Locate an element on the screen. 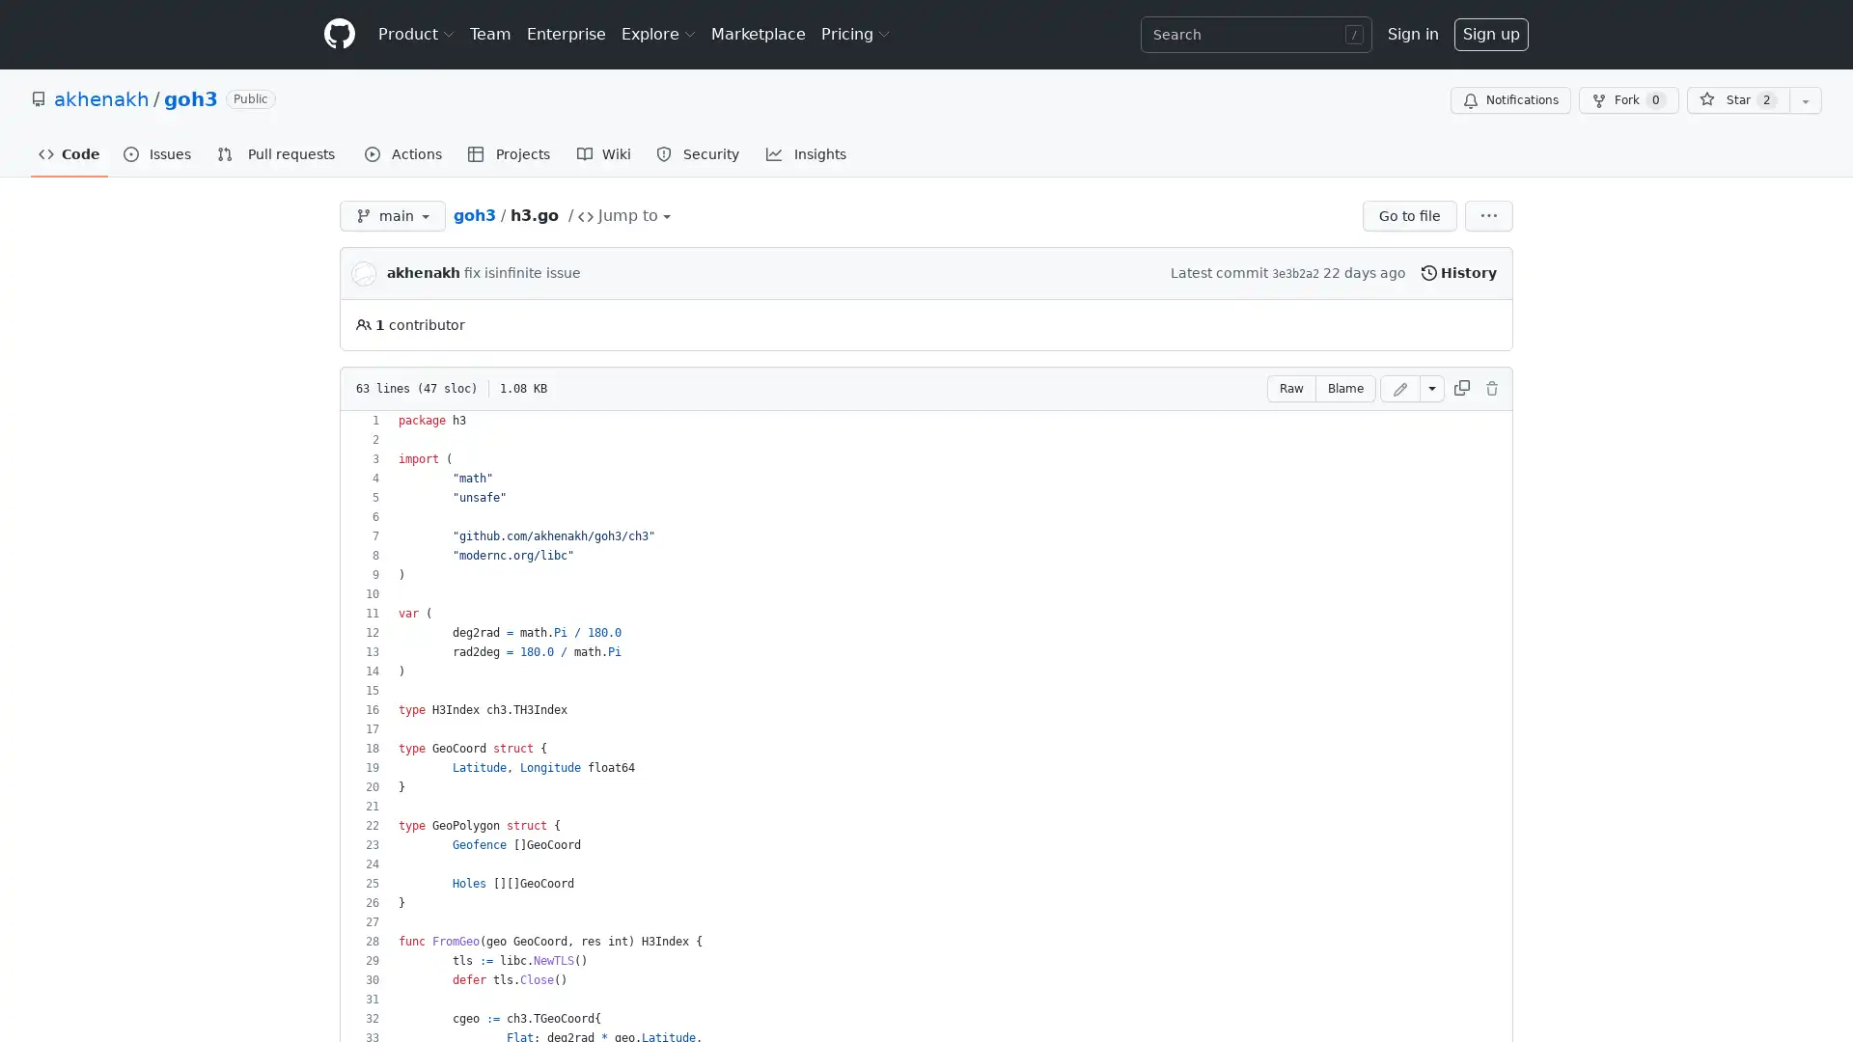  You must be signed in to make or propose changes is located at coordinates (1490, 388).